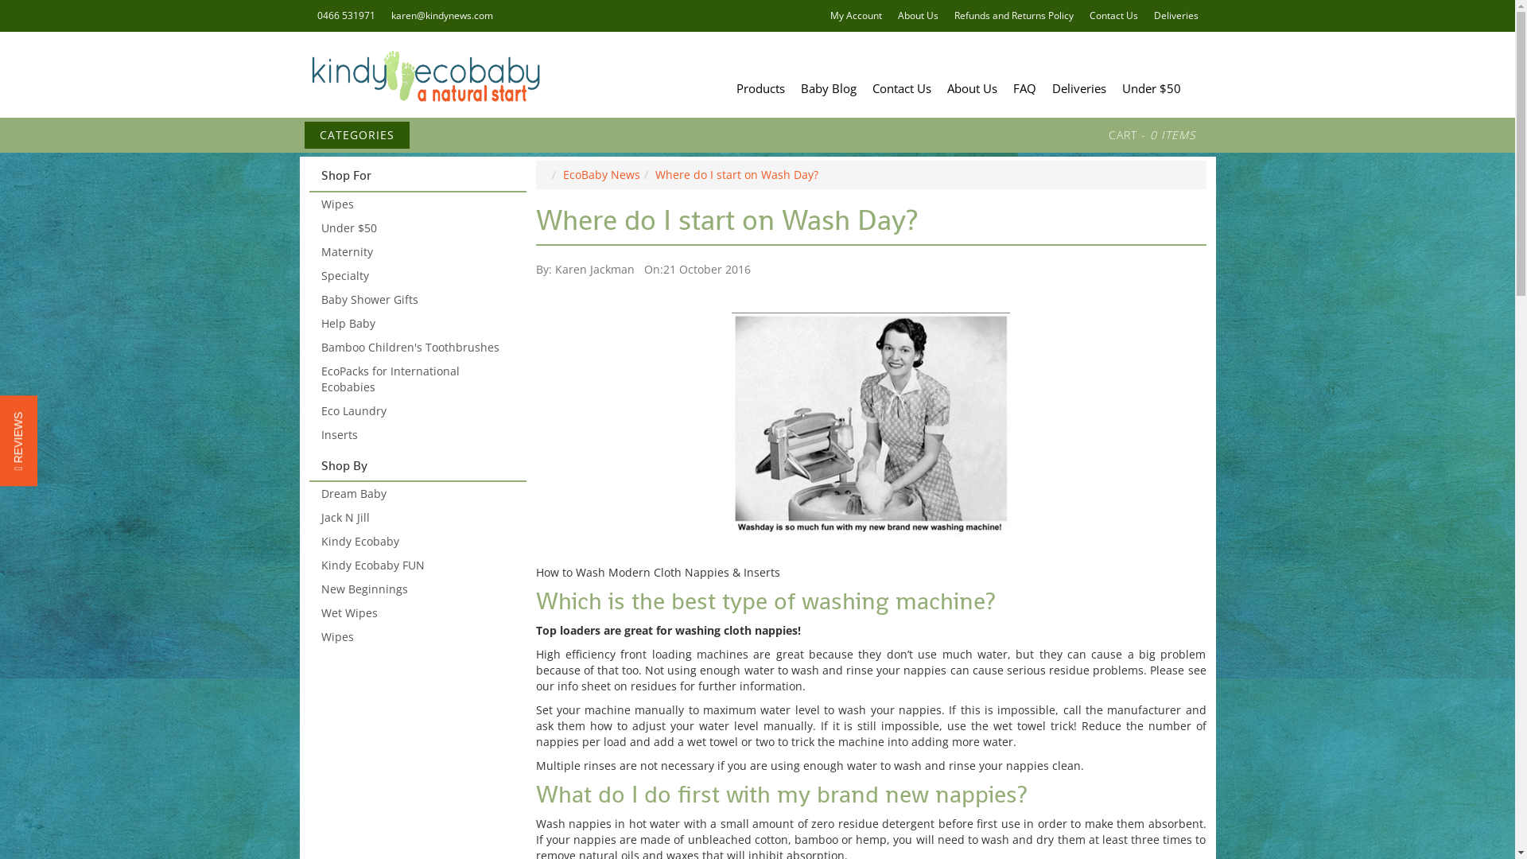 This screenshot has width=1527, height=859. What do you see at coordinates (417, 275) in the screenshot?
I see `'Specialty'` at bounding box center [417, 275].